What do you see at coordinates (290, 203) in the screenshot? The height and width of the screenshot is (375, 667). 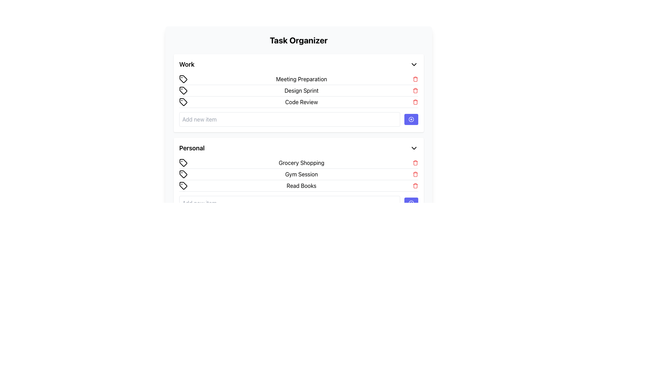 I see `to select text within the text input box labeled 'Add new item' located in the 'Personal' section of the interface` at bounding box center [290, 203].